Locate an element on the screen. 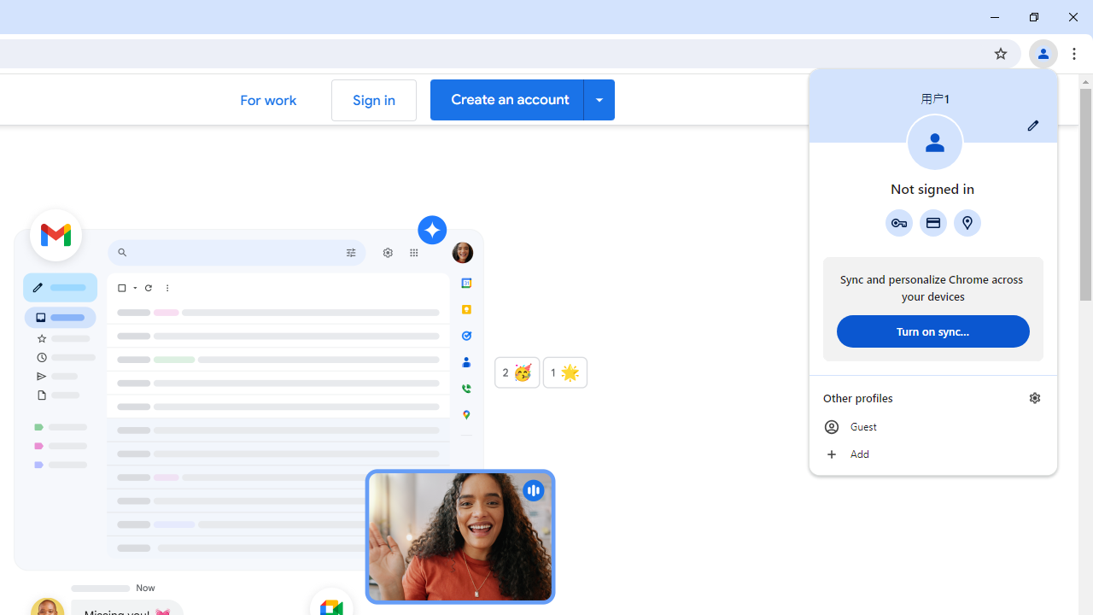  'Manage profiles' is located at coordinates (1034, 397).